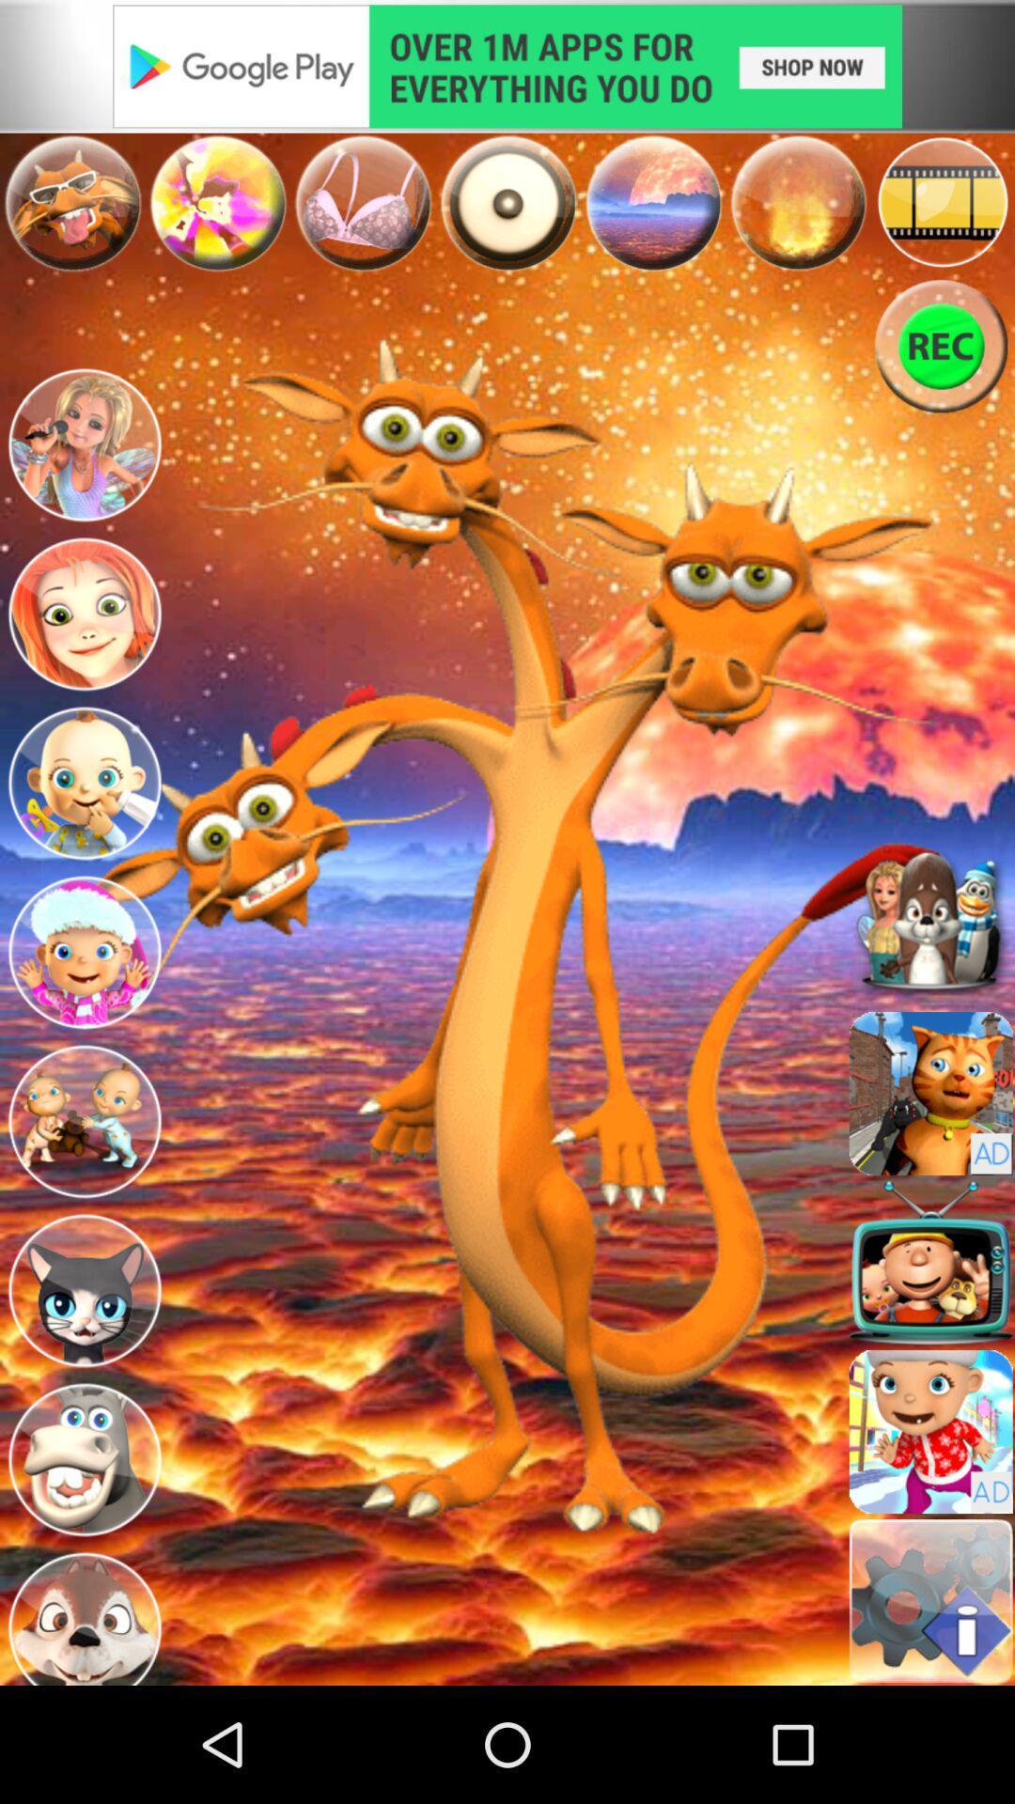  I want to click on make a gong sound, so click(507, 203).